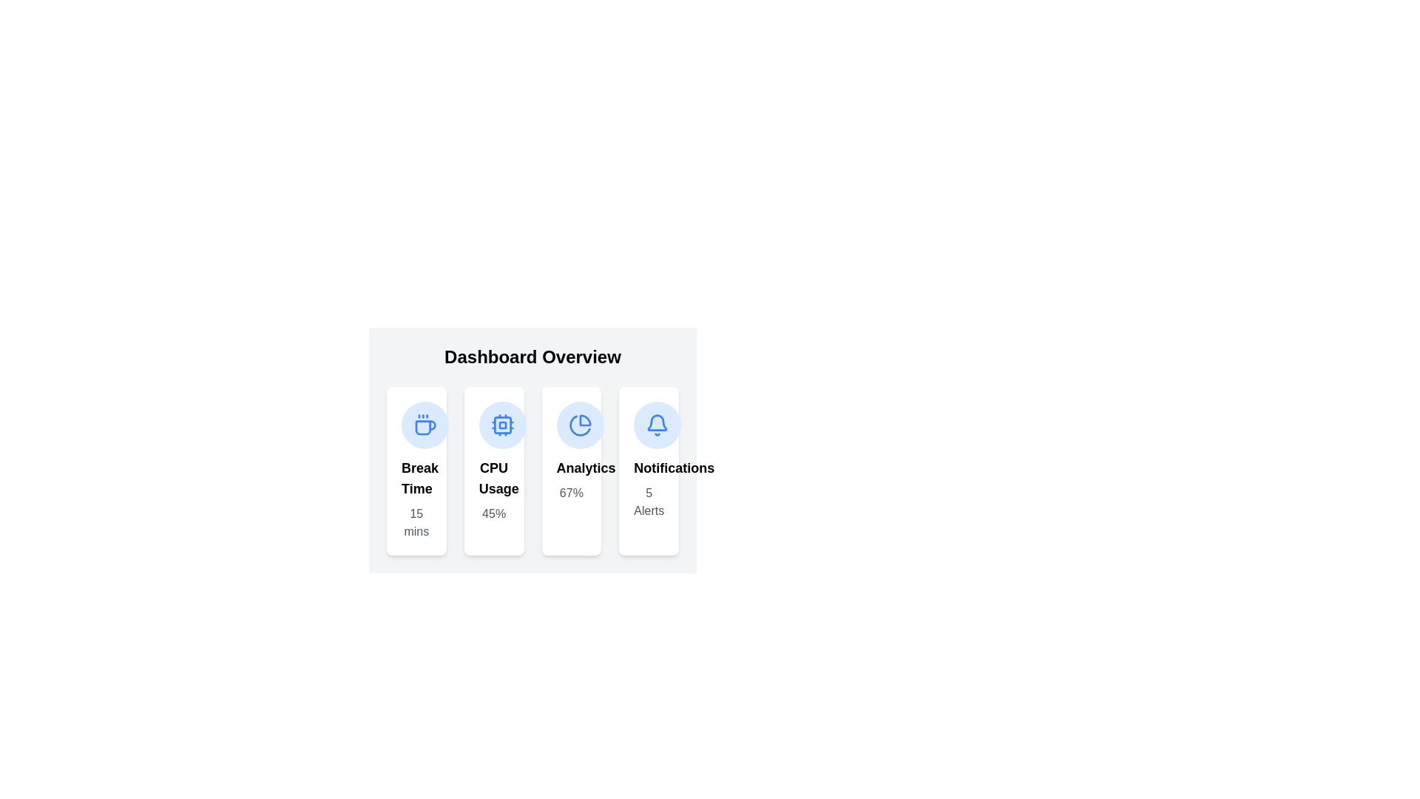 Image resolution: width=1420 pixels, height=799 pixels. I want to click on the informational card displaying CPU usage, which is located between 'Break Time' and 'Analytics' in the grid layout, so click(494, 471).